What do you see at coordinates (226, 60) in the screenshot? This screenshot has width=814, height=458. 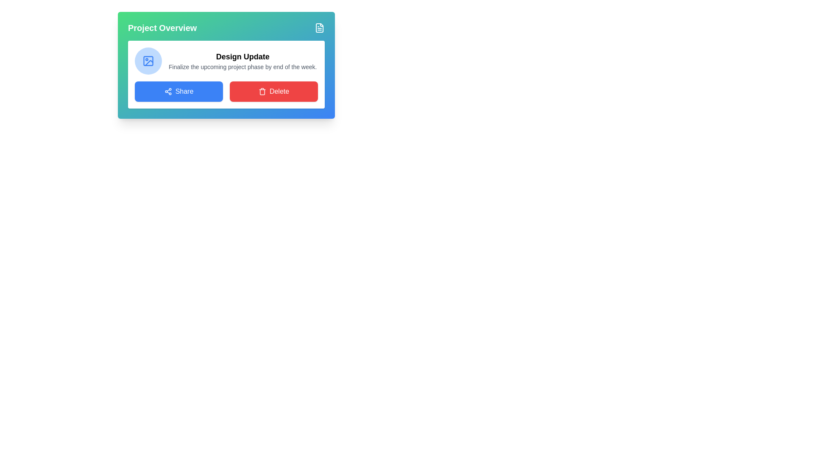 I see `the Content Display Section titled 'Design Update' that contains the text 'Finalize the upcoming project phase by end of the week.' and a blue circular icon` at bounding box center [226, 60].